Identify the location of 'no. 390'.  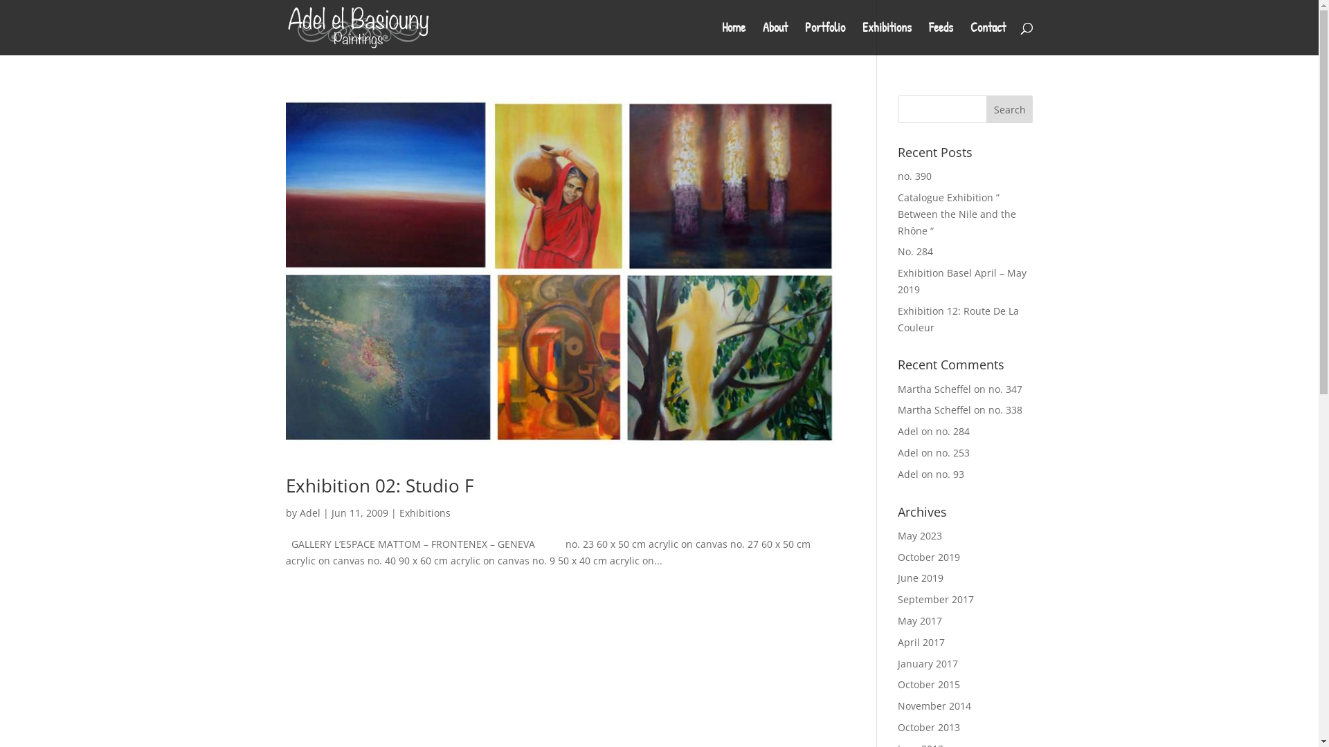
(914, 175).